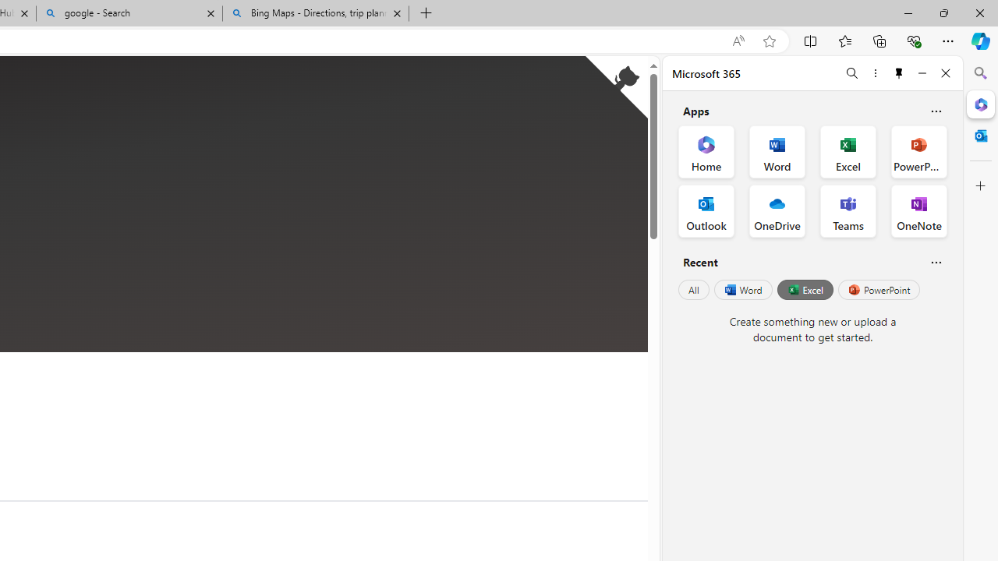  Describe the element at coordinates (848, 211) in the screenshot. I see `'Teams Office App'` at that location.